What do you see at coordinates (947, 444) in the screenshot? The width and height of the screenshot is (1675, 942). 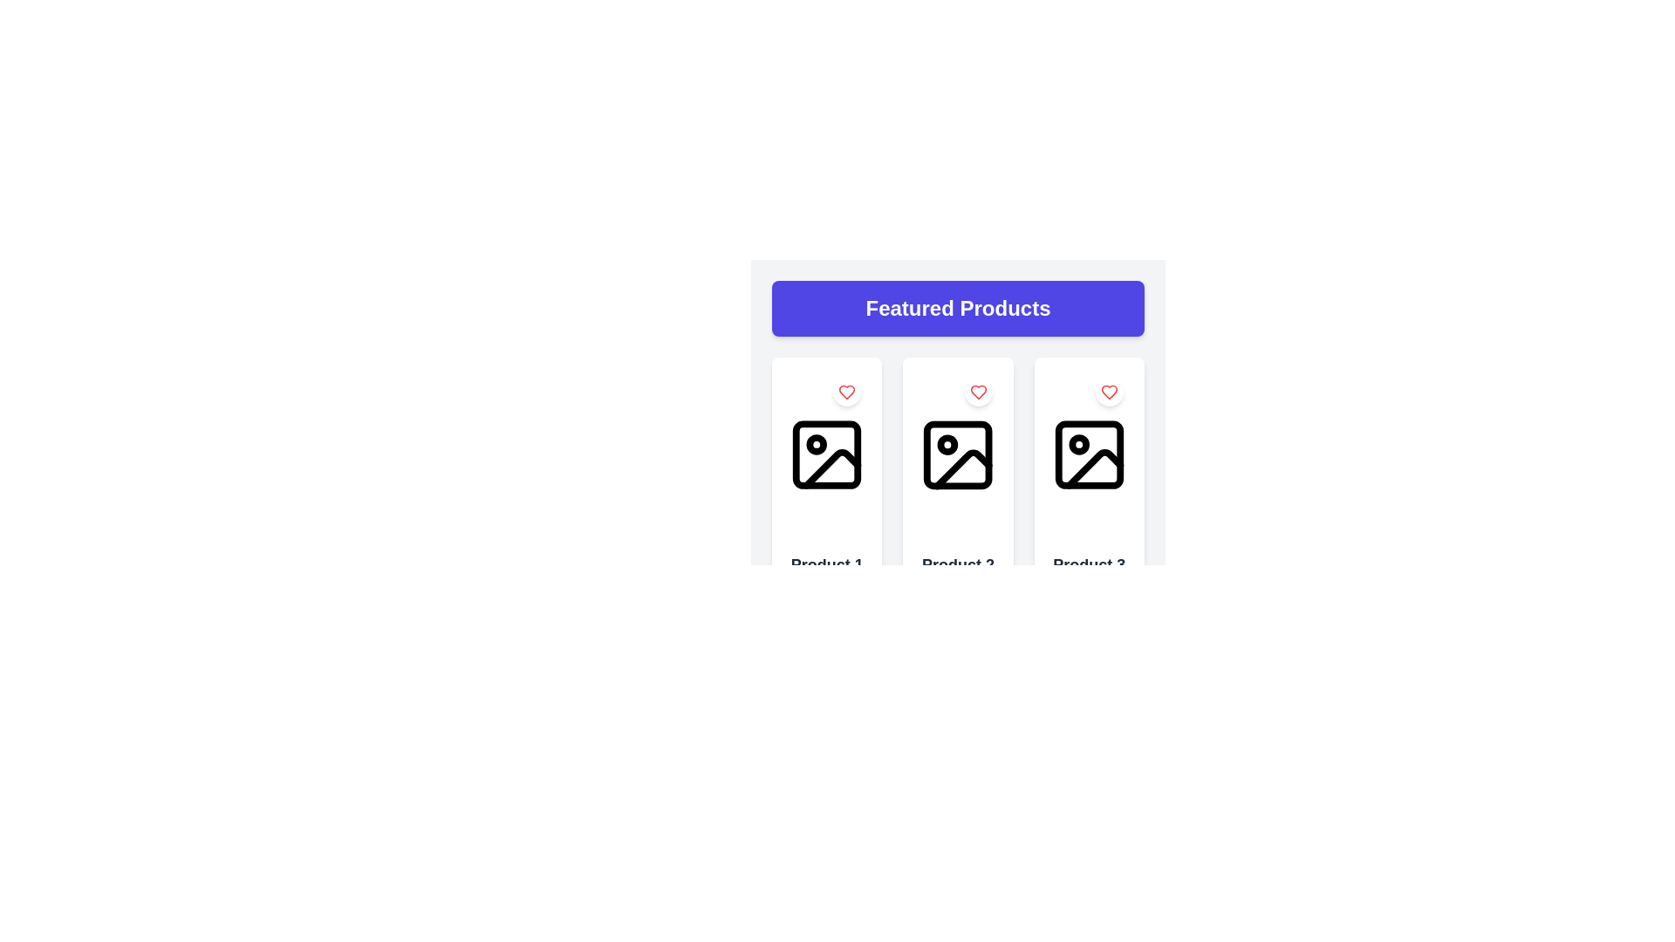 I see `the small circular graphical component within the SVG representation of 'Product 2' to retrieve details` at bounding box center [947, 444].